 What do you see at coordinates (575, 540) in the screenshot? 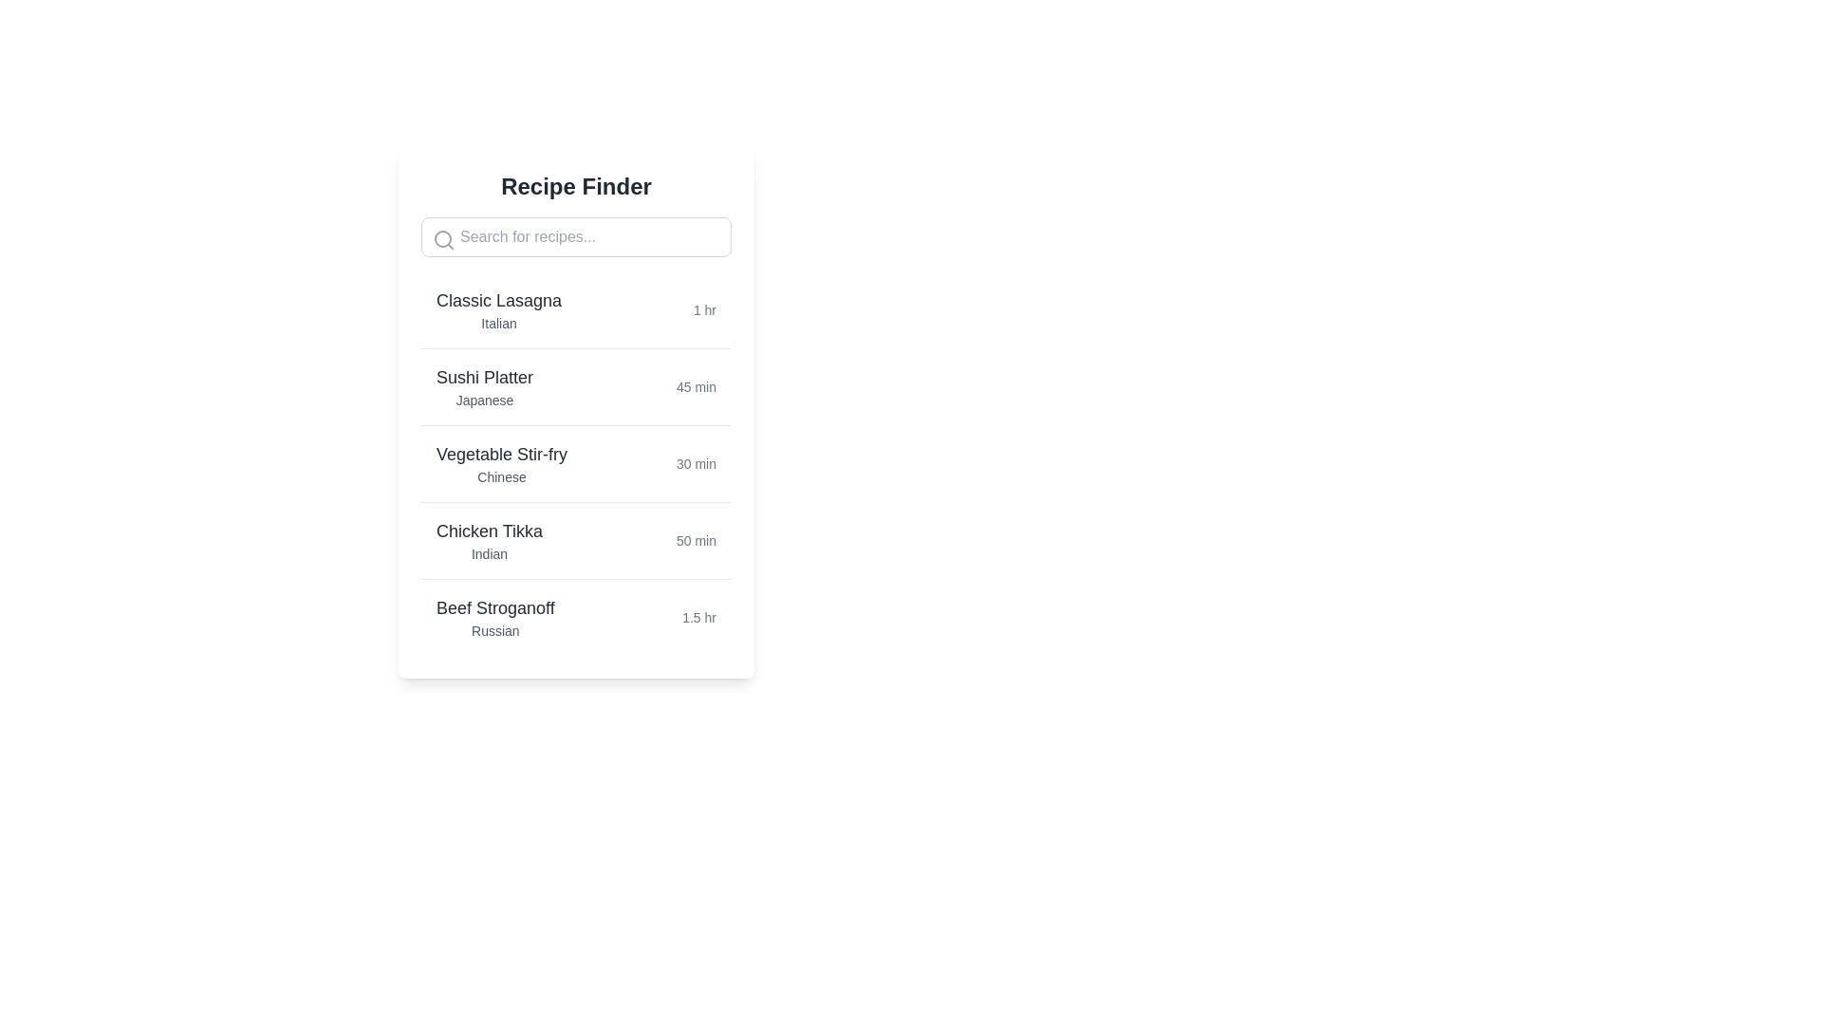
I see `the list item displaying 'Chicken Tikka' with 'Indian' and '50 min'` at bounding box center [575, 540].